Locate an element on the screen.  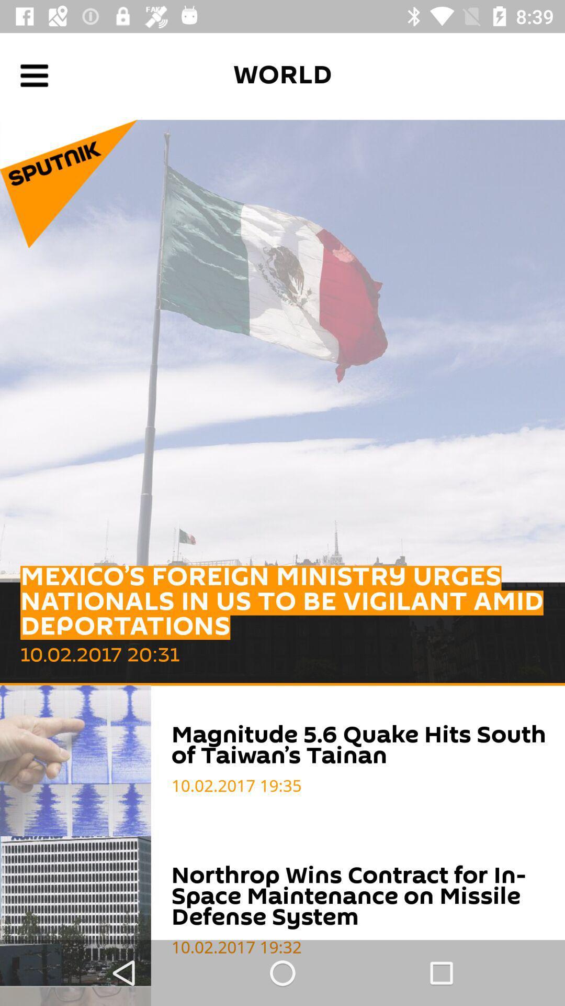
the menu icon is located at coordinates (33, 75).